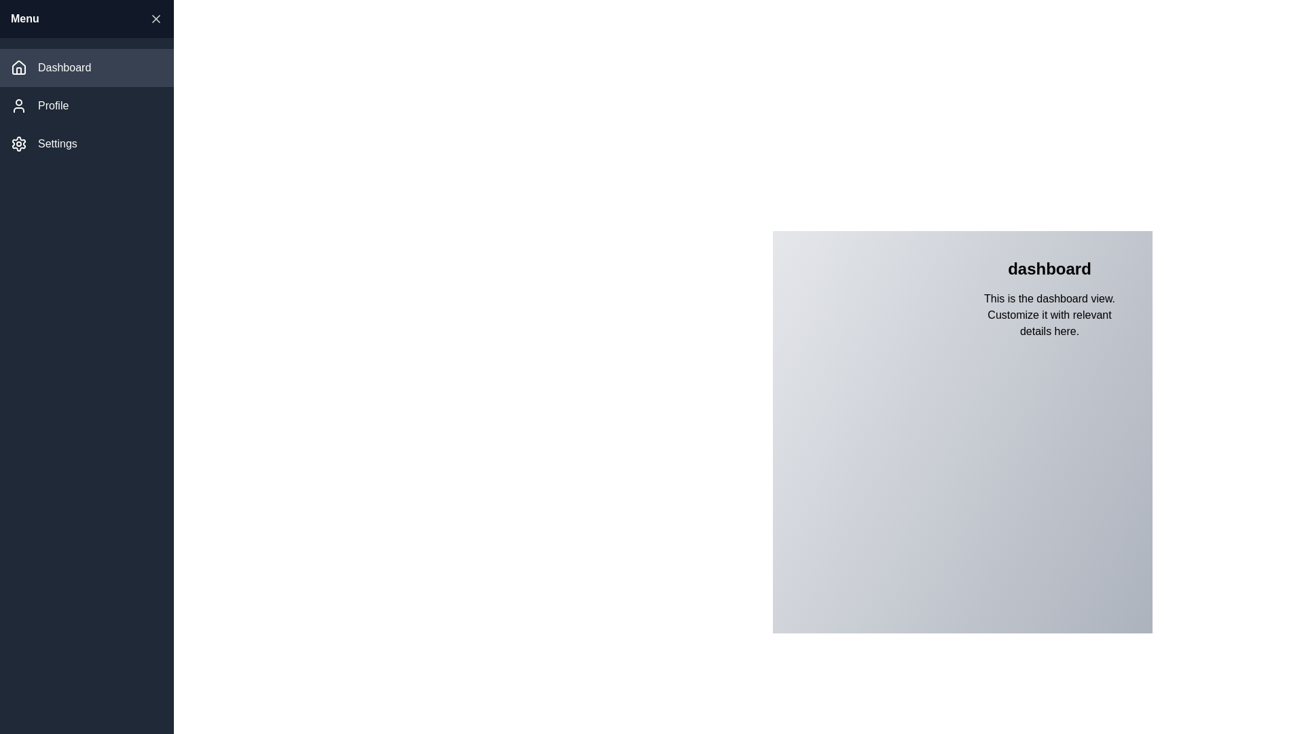  What do you see at coordinates (86, 68) in the screenshot?
I see `the menu item Dashboard` at bounding box center [86, 68].